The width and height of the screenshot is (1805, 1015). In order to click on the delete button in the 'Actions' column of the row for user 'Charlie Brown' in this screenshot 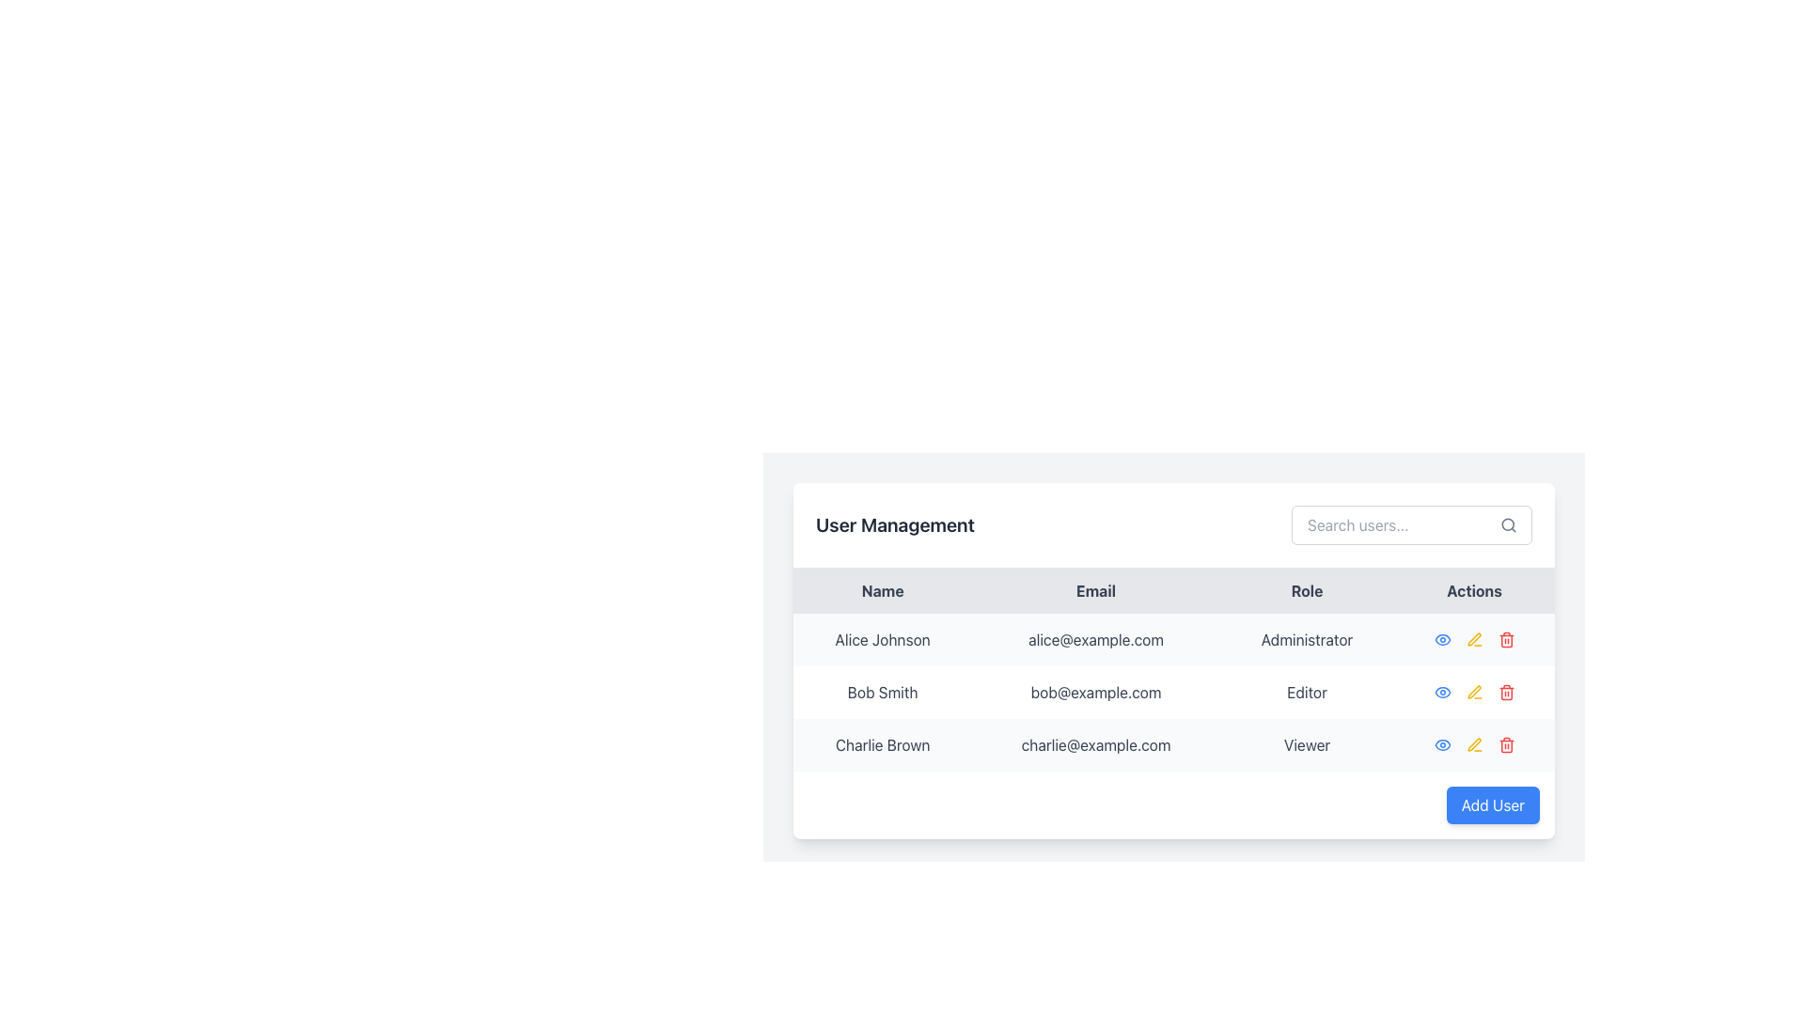, I will do `click(1506, 744)`.